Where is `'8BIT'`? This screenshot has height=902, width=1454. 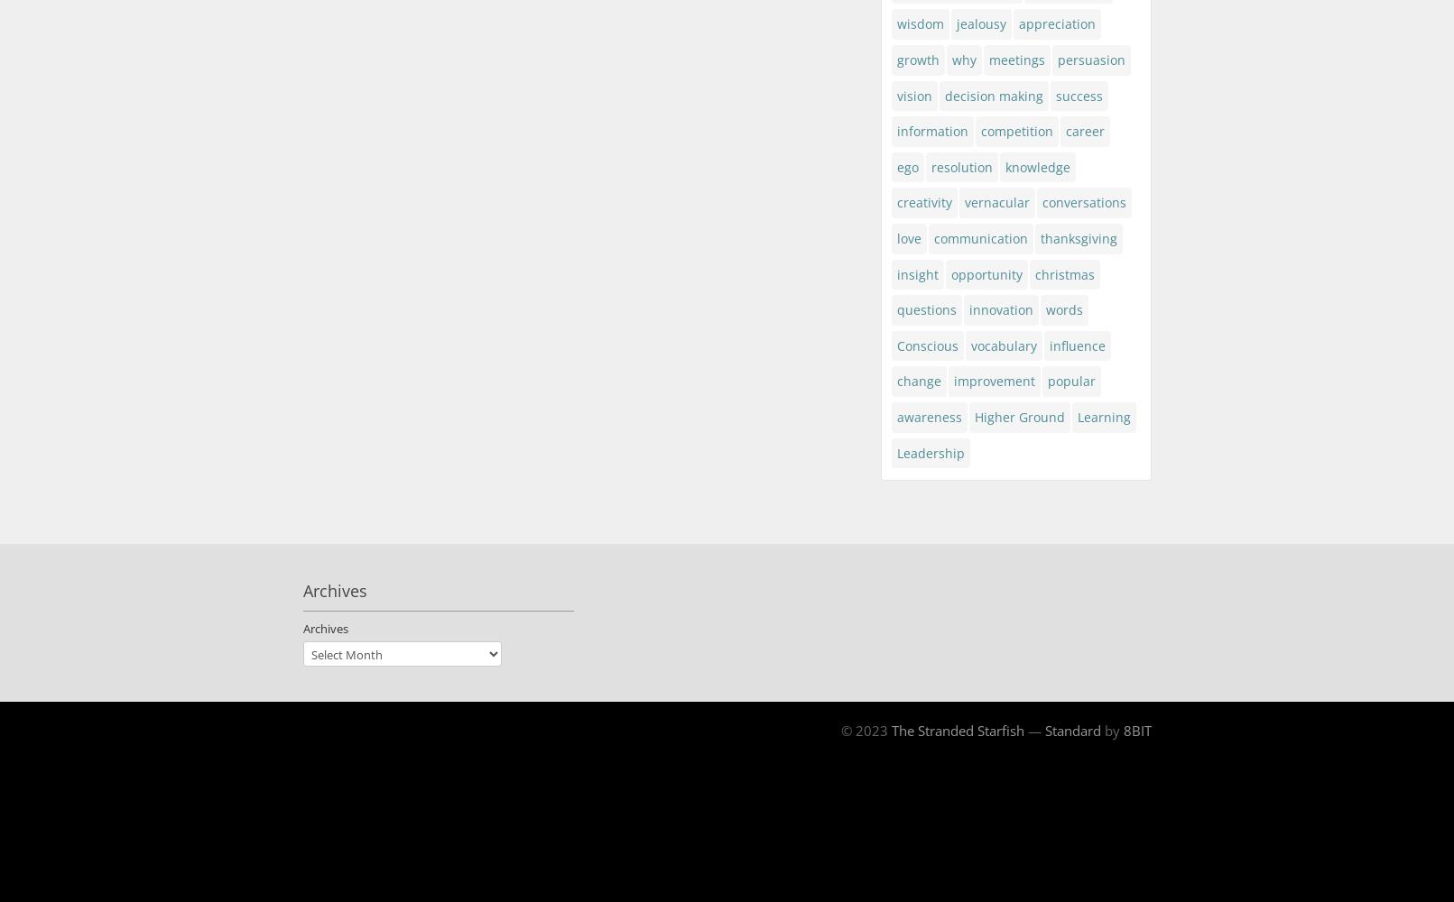 '8BIT' is located at coordinates (1136, 731).